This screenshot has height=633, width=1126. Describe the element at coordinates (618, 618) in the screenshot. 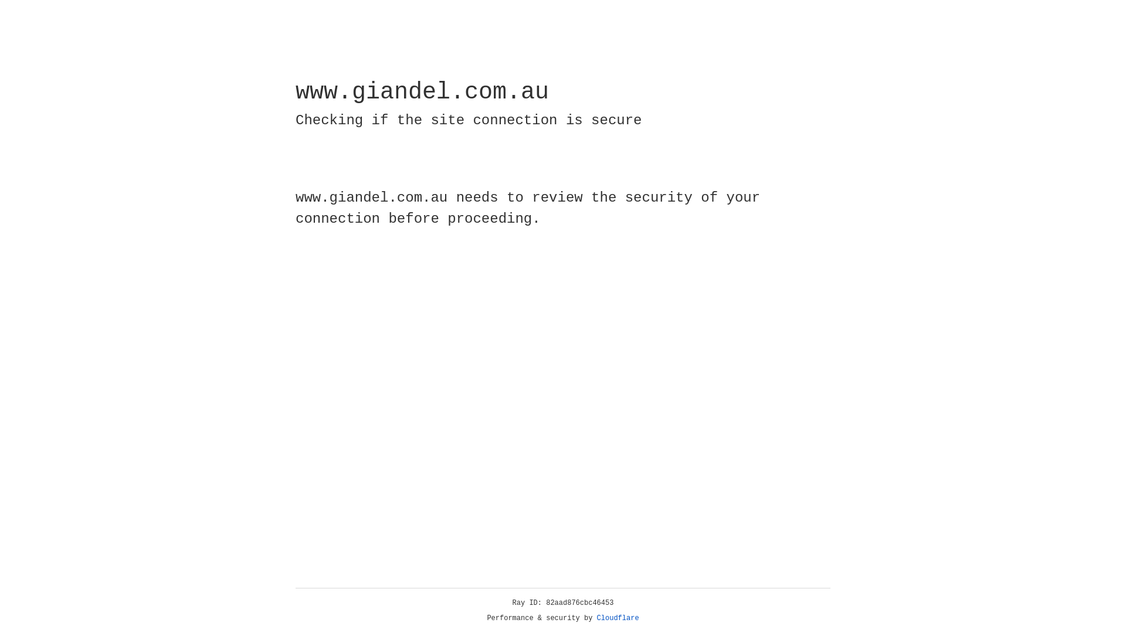

I see `'Cloudflare'` at that location.